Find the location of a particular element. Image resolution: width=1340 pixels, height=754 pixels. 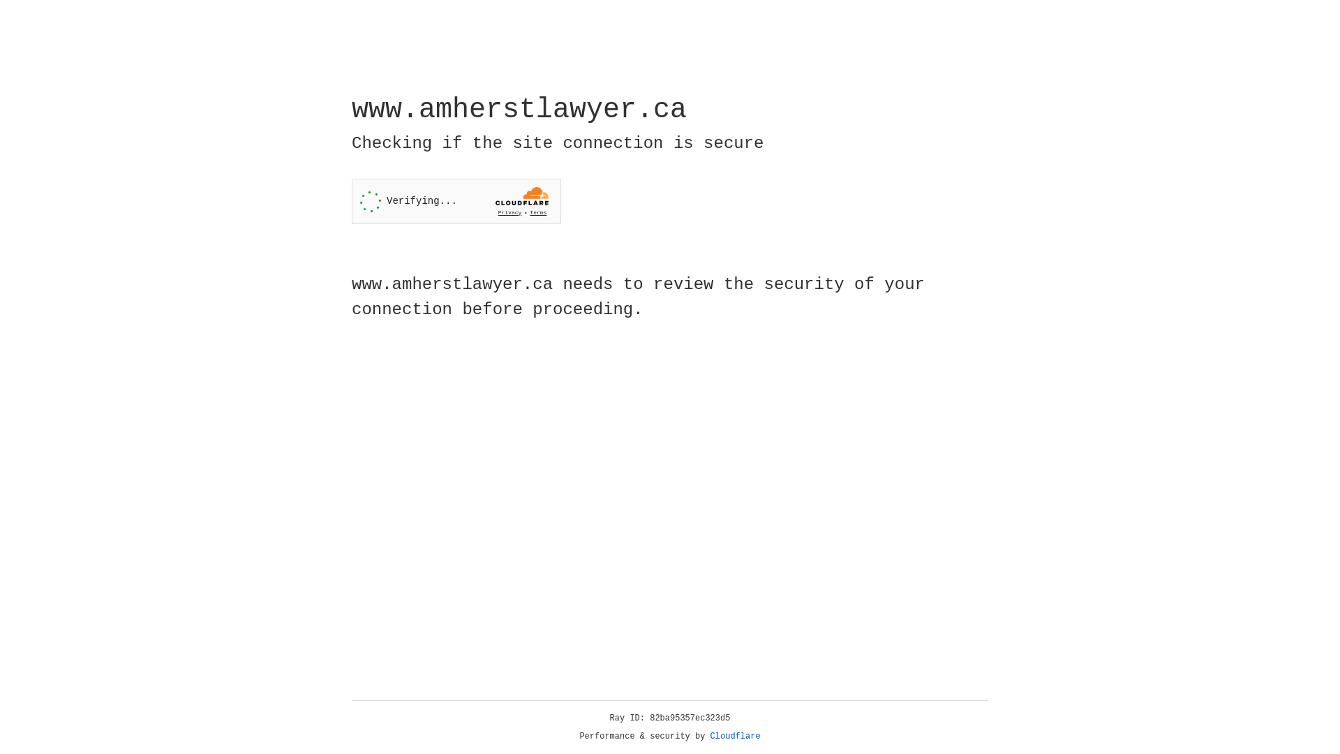

'Widget containing a Cloudflare security challenge' is located at coordinates (456, 201).